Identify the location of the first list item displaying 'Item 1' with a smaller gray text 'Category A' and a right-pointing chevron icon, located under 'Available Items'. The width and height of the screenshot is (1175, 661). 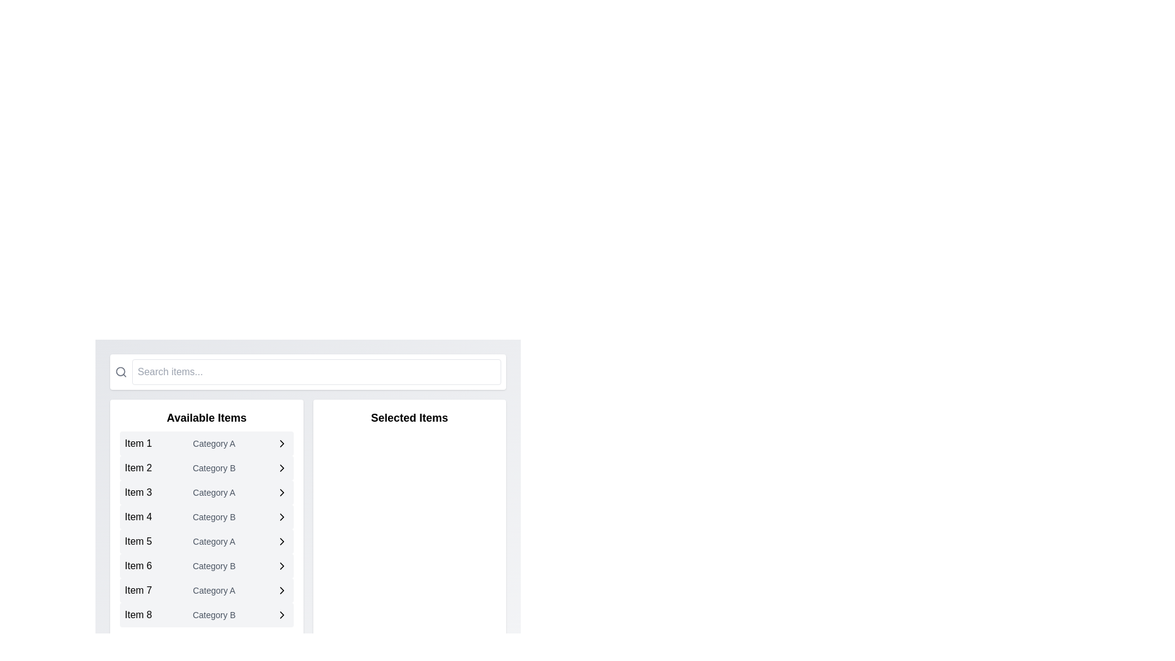
(206, 444).